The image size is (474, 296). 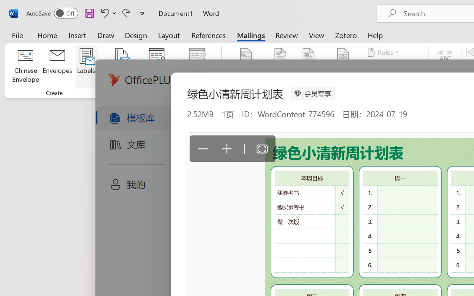 What do you see at coordinates (121, 66) in the screenshot?
I see `'Start Mail Merge'` at bounding box center [121, 66].